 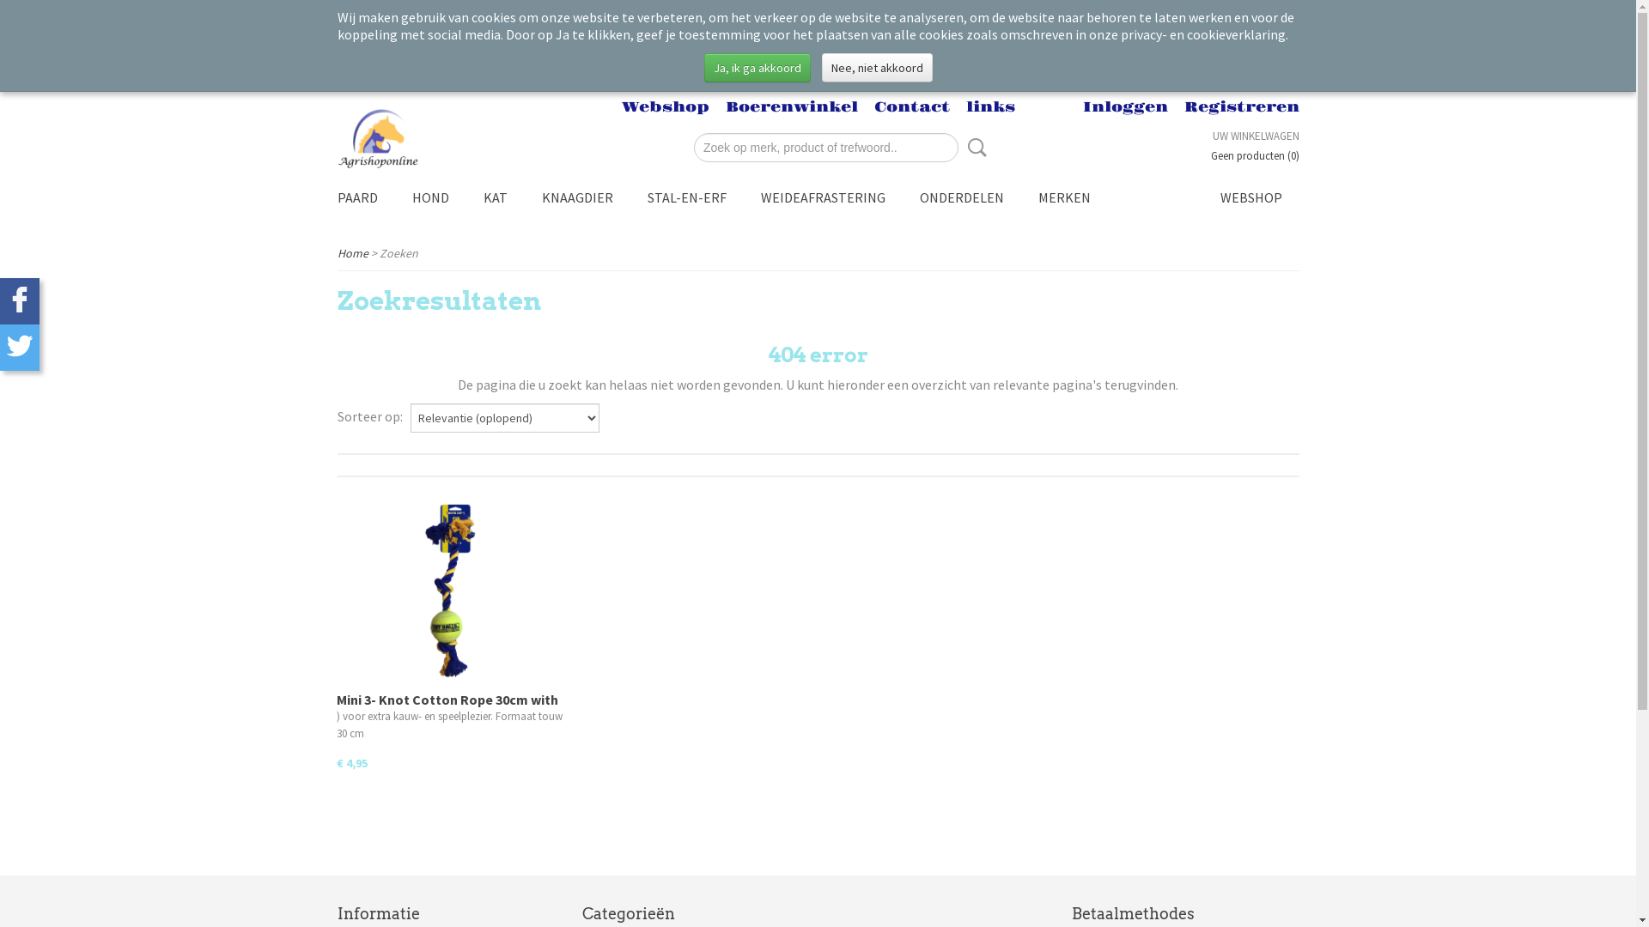 I want to click on 'Deel deze pagina op Facebook', so click(x=20, y=300).